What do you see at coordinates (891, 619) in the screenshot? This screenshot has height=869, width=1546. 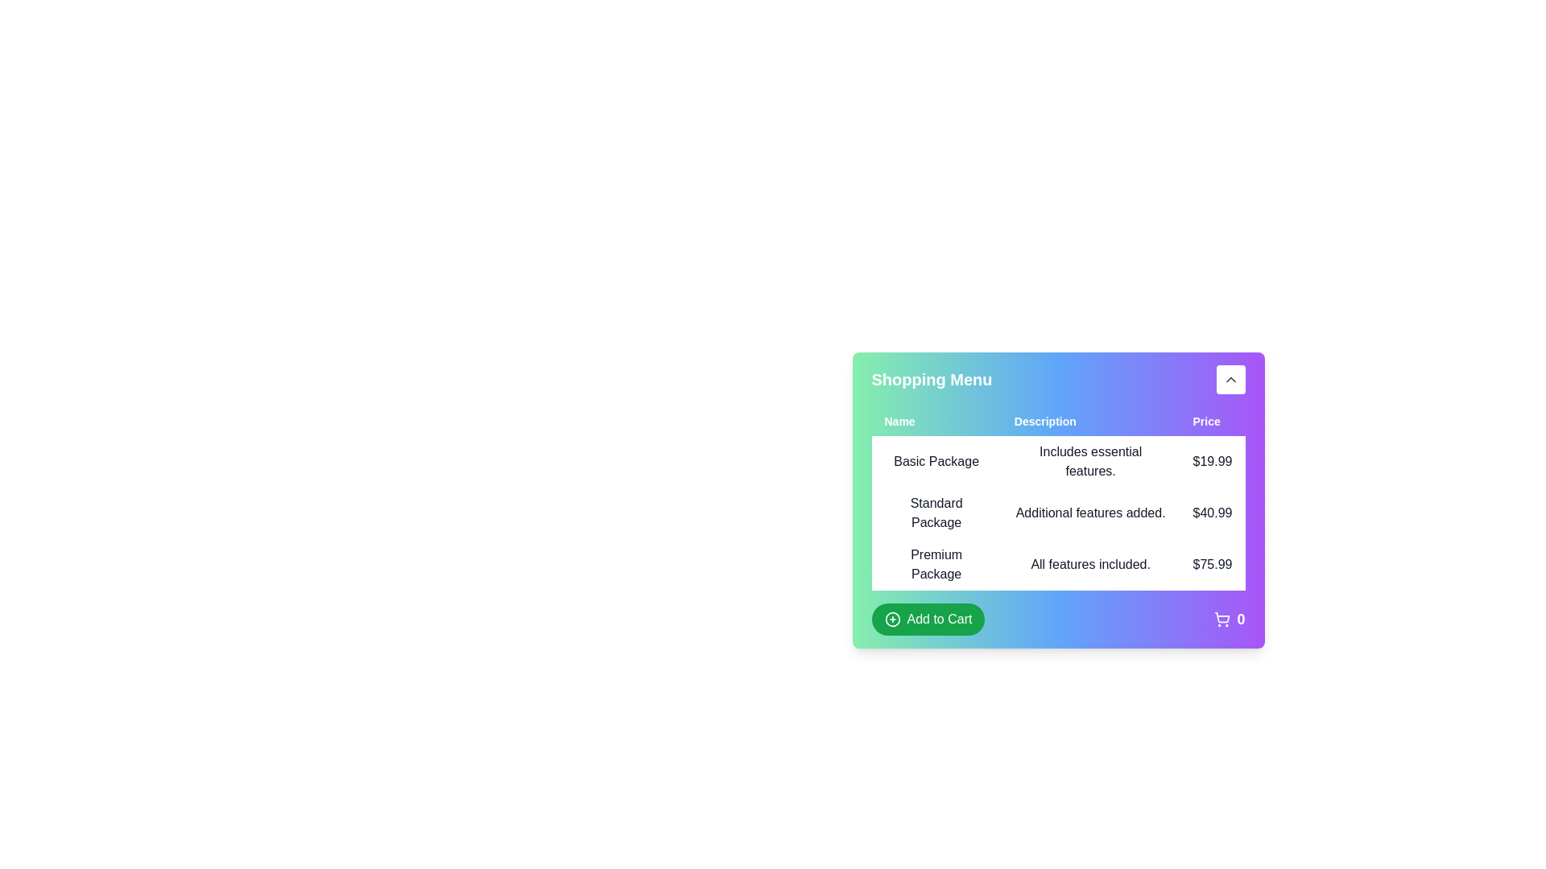 I see `the plus icon embedded within the green 'Add to Cart' button located at the bottom-left corner of the shopping menu interface` at bounding box center [891, 619].